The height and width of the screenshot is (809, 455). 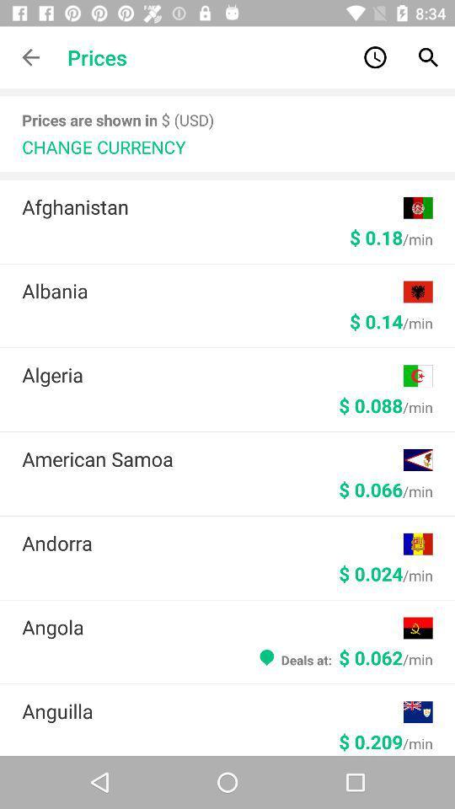 I want to click on icon below the $ 0.088/min, so click(x=212, y=458).